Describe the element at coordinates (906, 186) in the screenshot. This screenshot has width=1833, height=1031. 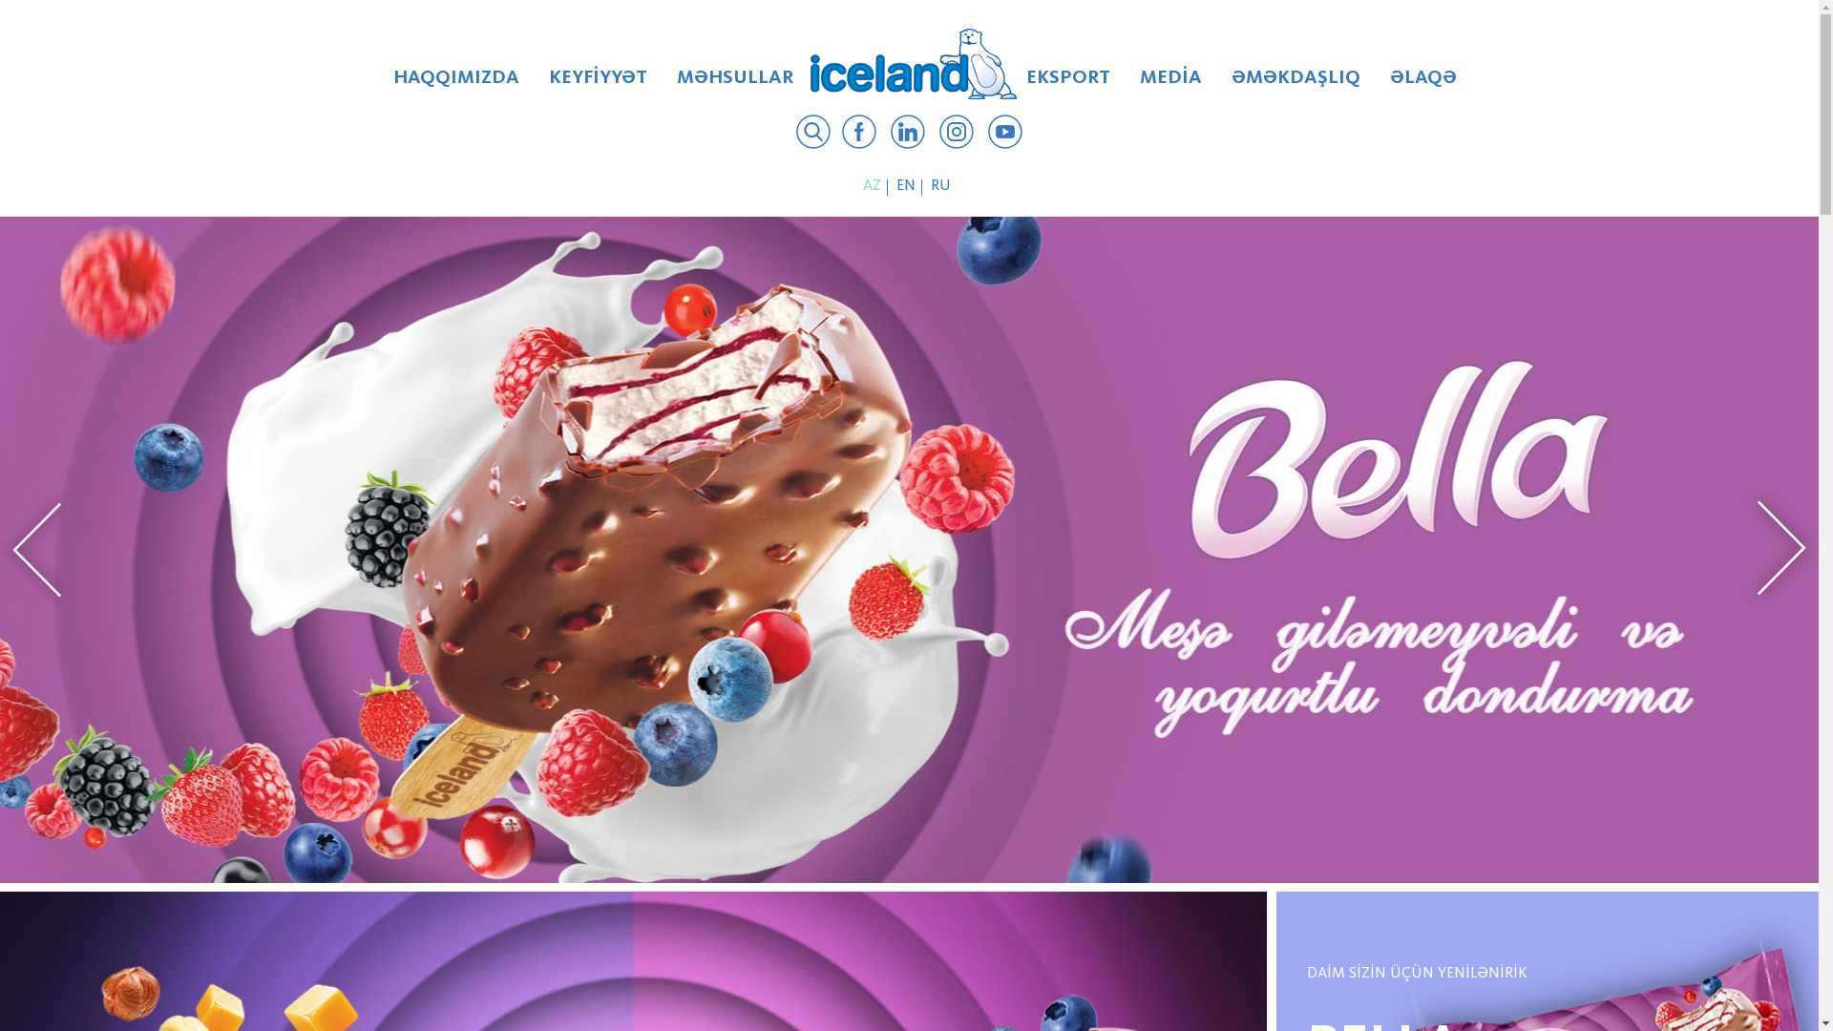
I see `'EN'` at that location.